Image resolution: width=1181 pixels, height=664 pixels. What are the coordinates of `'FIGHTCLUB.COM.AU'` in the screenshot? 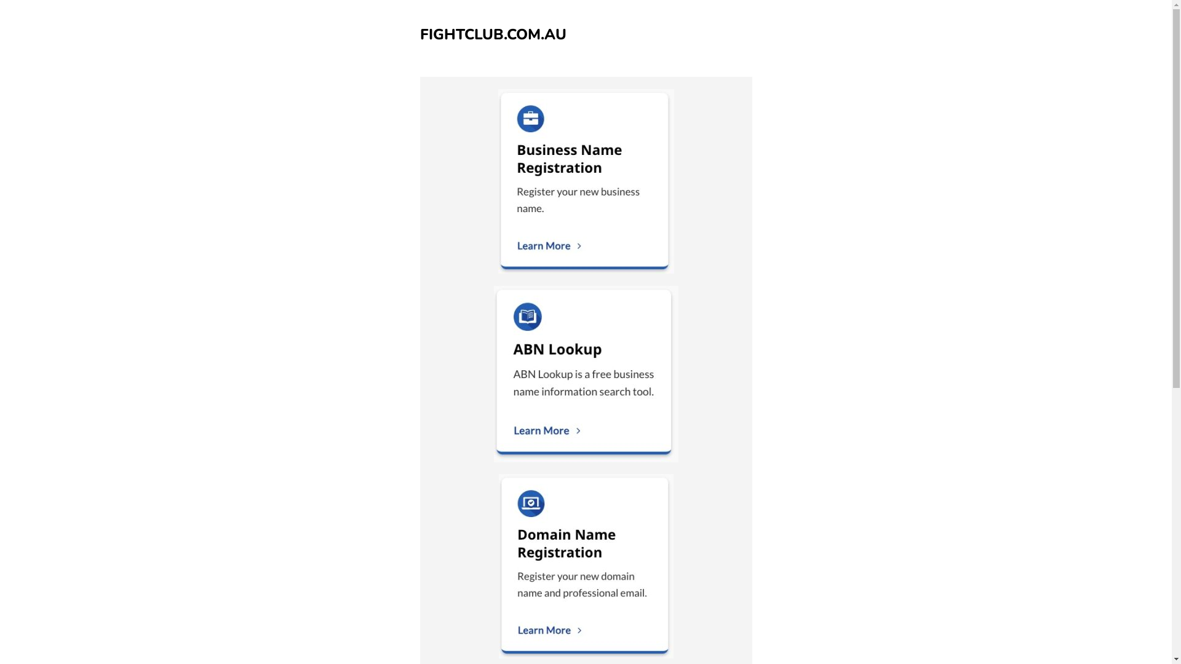 It's located at (493, 34).